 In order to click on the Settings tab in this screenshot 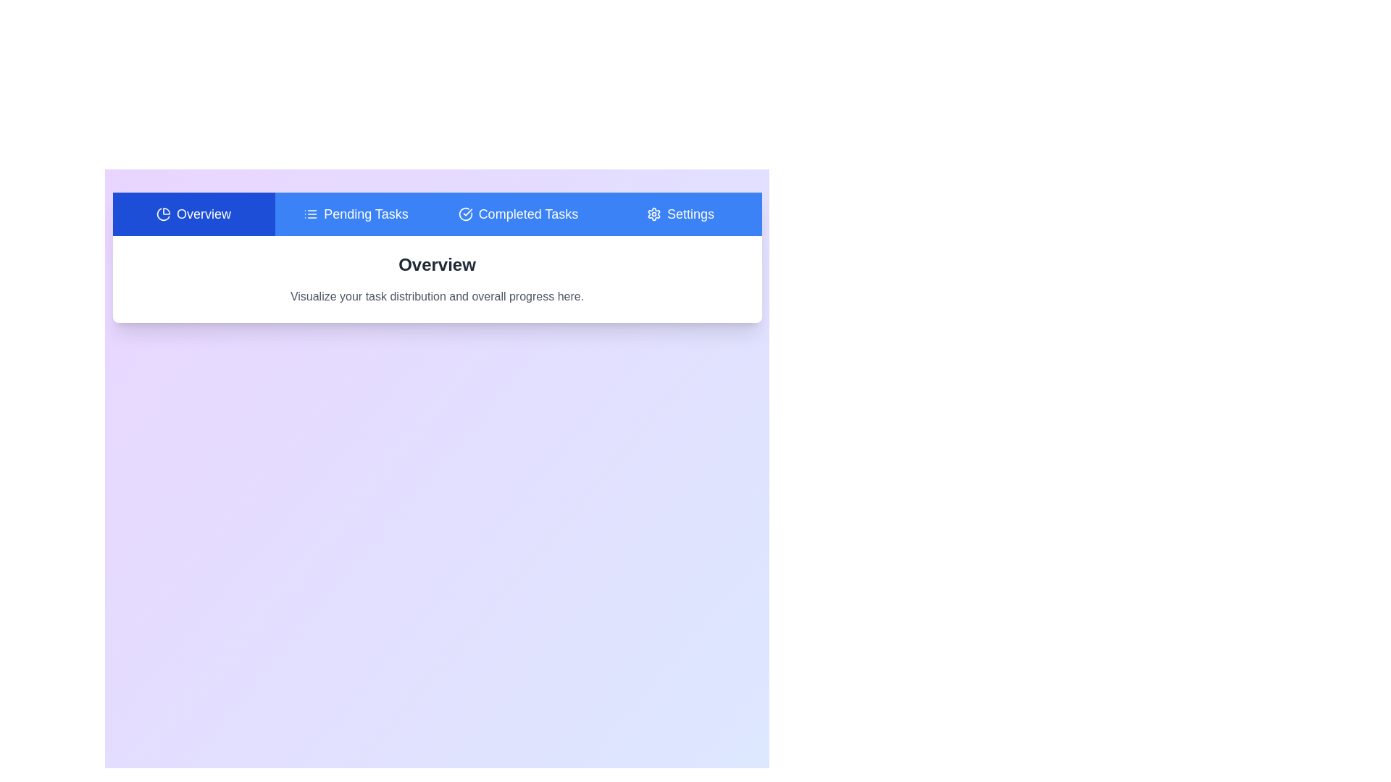, I will do `click(680, 214)`.